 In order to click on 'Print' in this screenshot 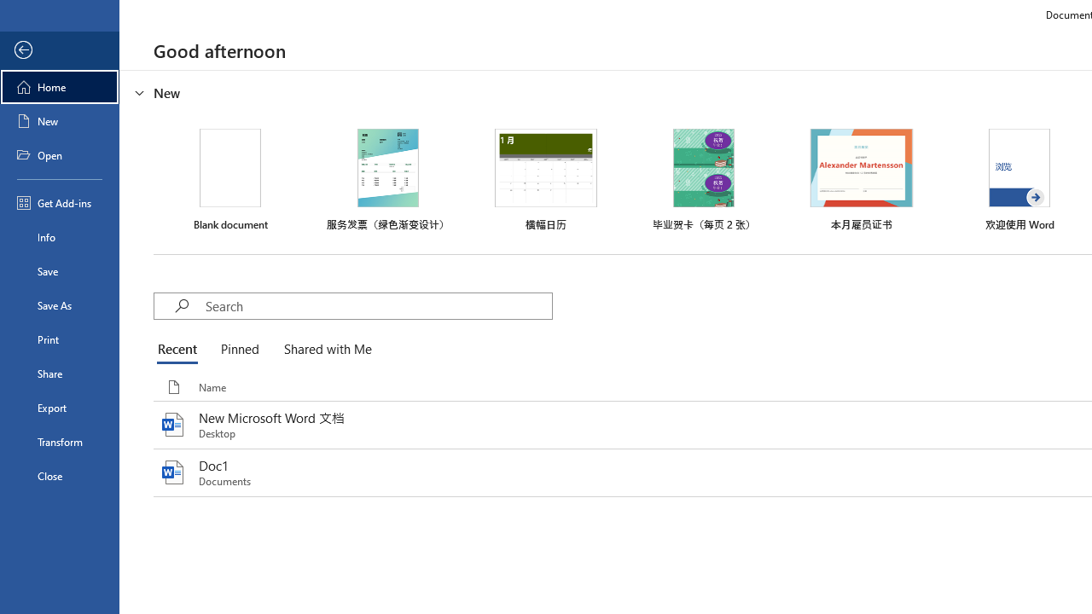, I will do `click(59, 339)`.